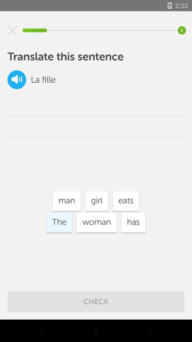  Describe the element at coordinates (35, 79) in the screenshot. I see `the item to the left of   icon` at that location.